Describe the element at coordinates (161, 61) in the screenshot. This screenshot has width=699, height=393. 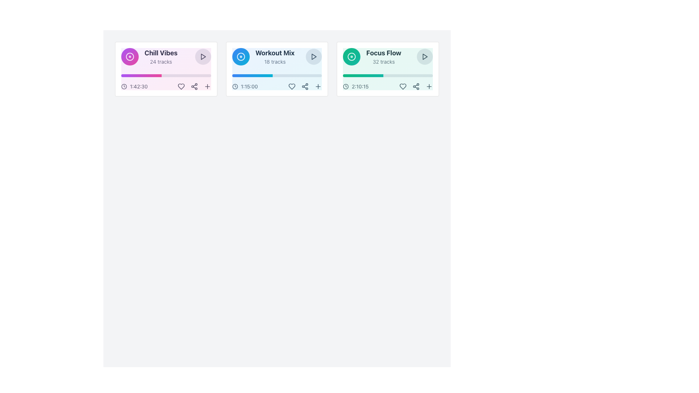
I see `the informational text label indicating the number of tracks within the 'Chill Vibes' playlist, located beneath the 'Chill Vibes' title in the leftmost column of the layout` at that location.